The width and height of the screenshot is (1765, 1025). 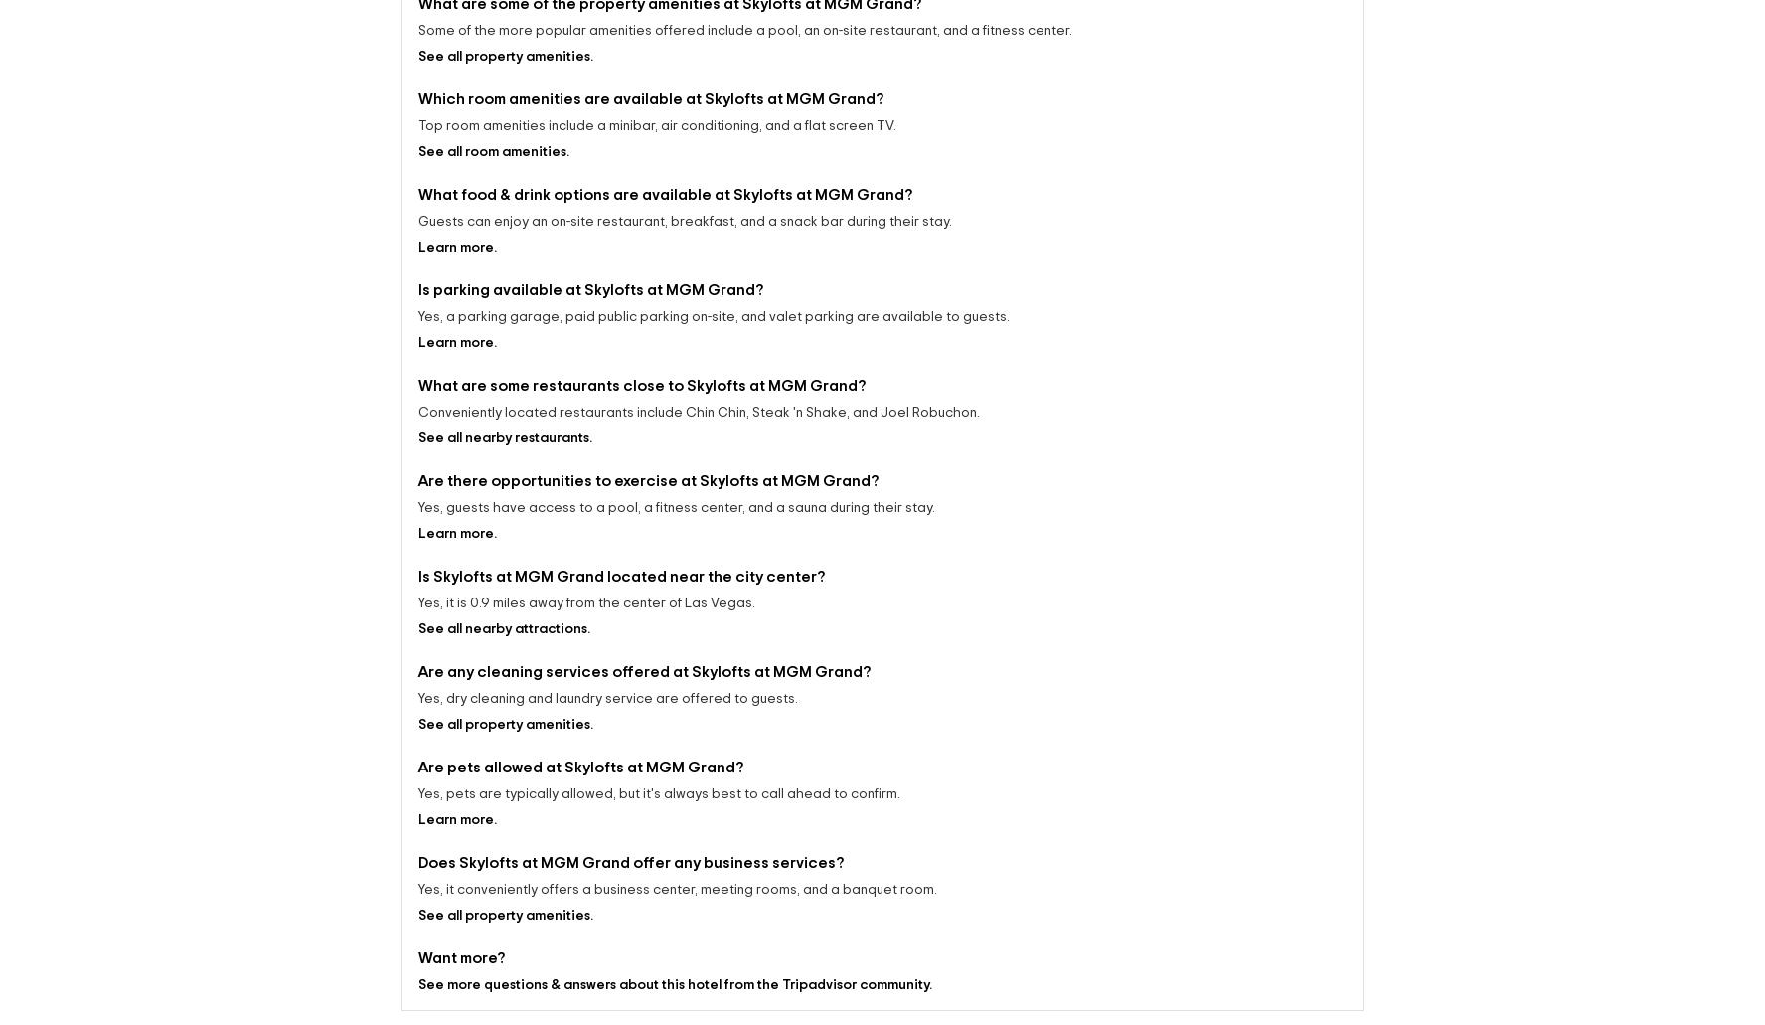 What do you see at coordinates (417, 871) in the screenshot?
I see `'Yes, it conveniently offers a business center, meeting rooms, and a banquet room.'` at bounding box center [417, 871].